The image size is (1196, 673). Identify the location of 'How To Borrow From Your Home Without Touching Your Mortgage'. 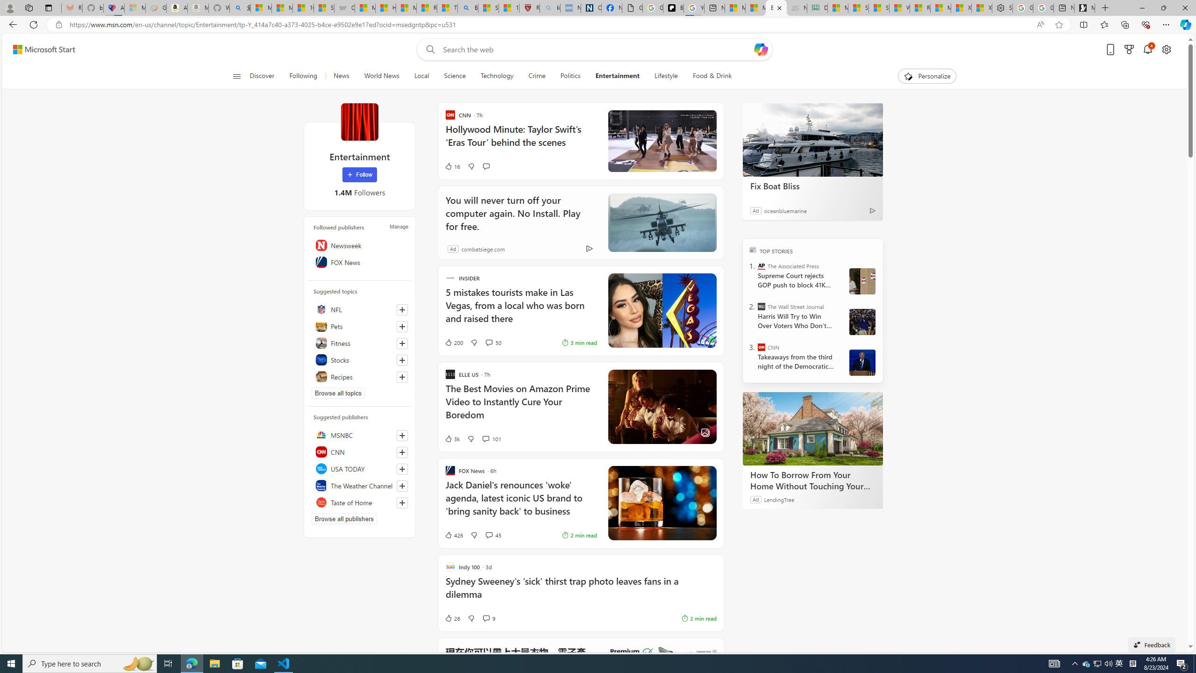
(812, 428).